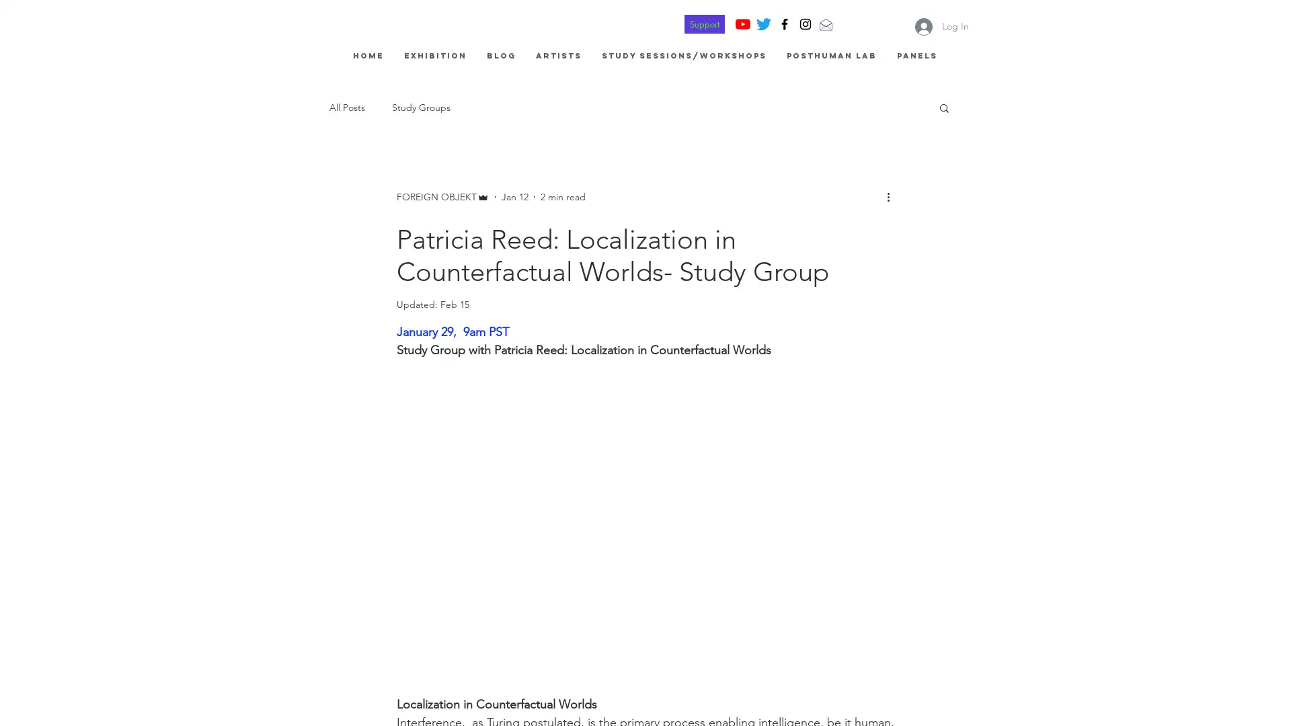  I want to click on All Posts, so click(347, 106).